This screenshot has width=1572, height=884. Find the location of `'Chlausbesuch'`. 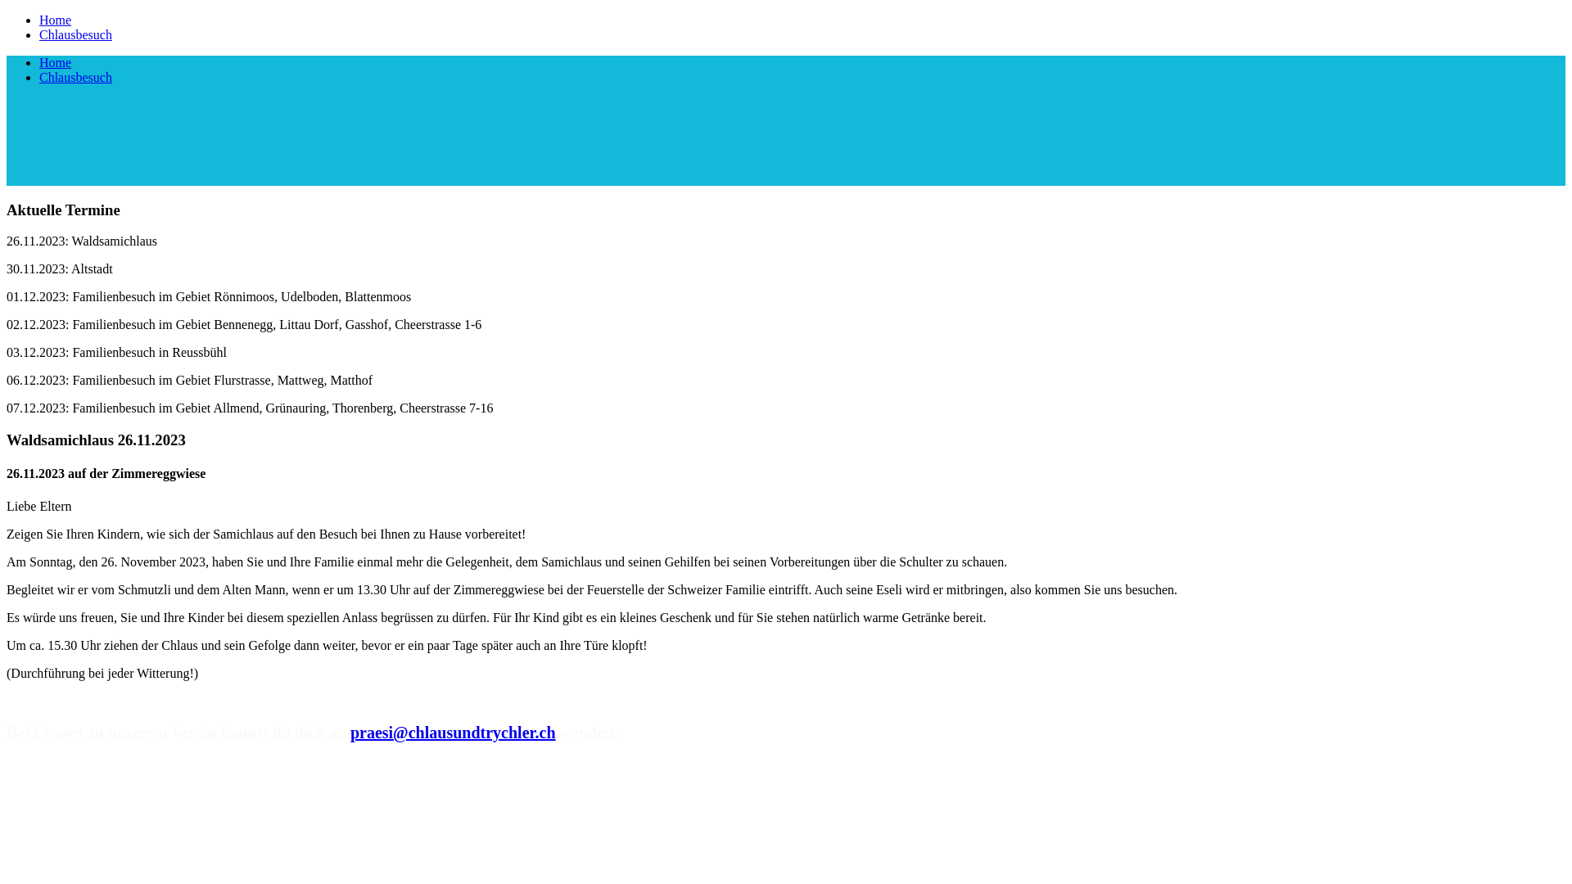

'Chlausbesuch' is located at coordinates (75, 77).